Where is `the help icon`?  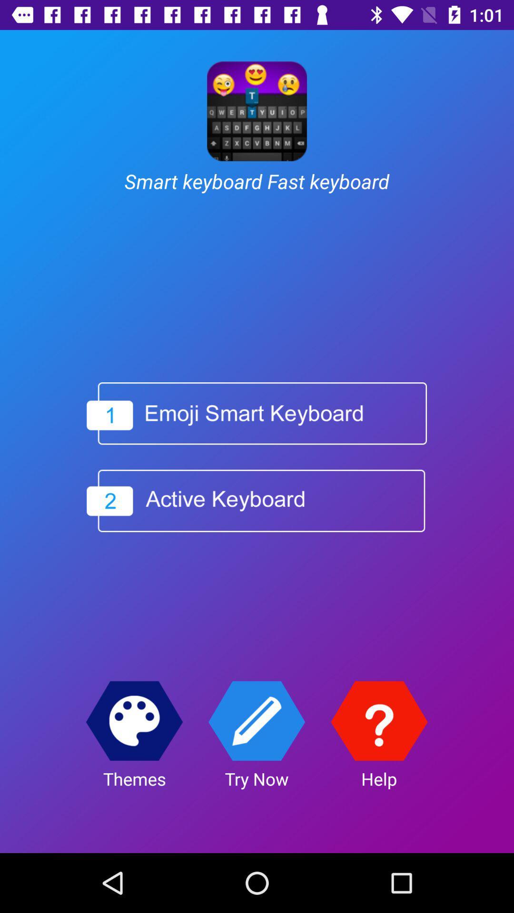 the help icon is located at coordinates (378, 721).